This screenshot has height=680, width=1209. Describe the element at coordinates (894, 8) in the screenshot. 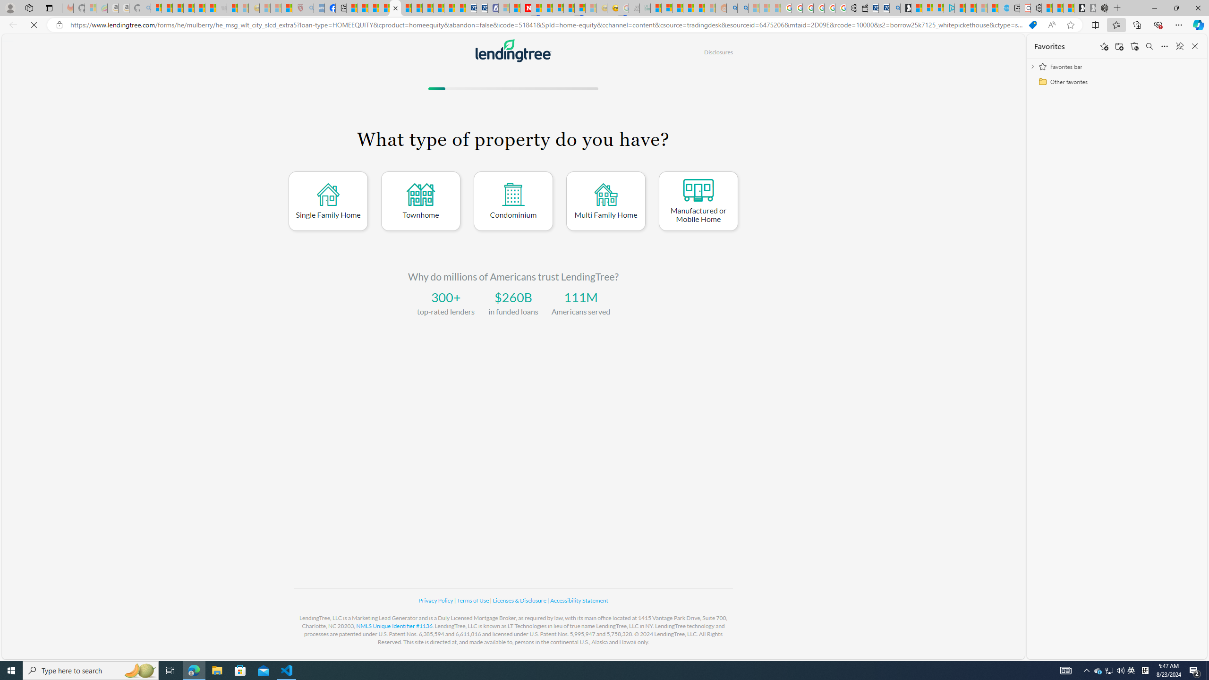

I see `'Bing Real Estate - Home sales and rental listings'` at that location.